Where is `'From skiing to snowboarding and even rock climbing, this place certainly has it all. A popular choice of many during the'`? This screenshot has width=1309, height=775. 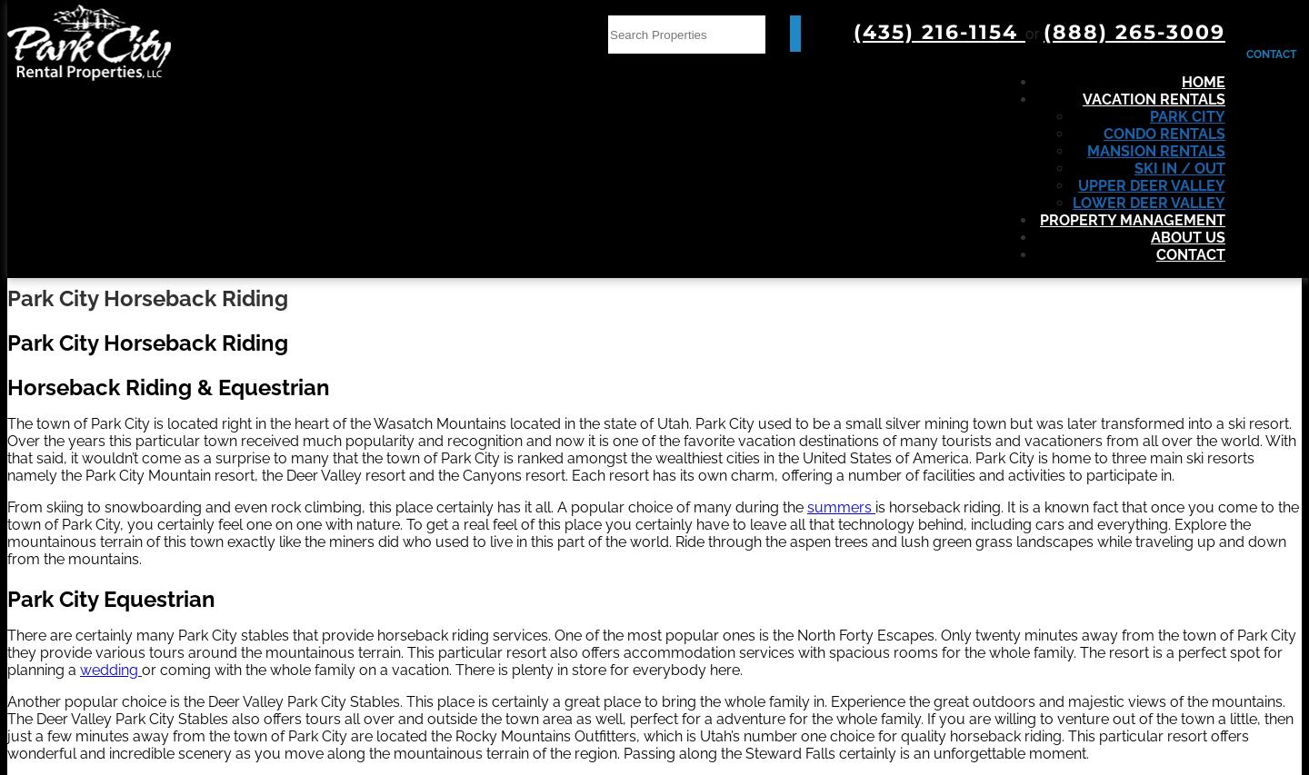 'From skiing to snowboarding and even rock climbing, this place certainly has it all. A popular choice of many during the' is located at coordinates (406, 505).